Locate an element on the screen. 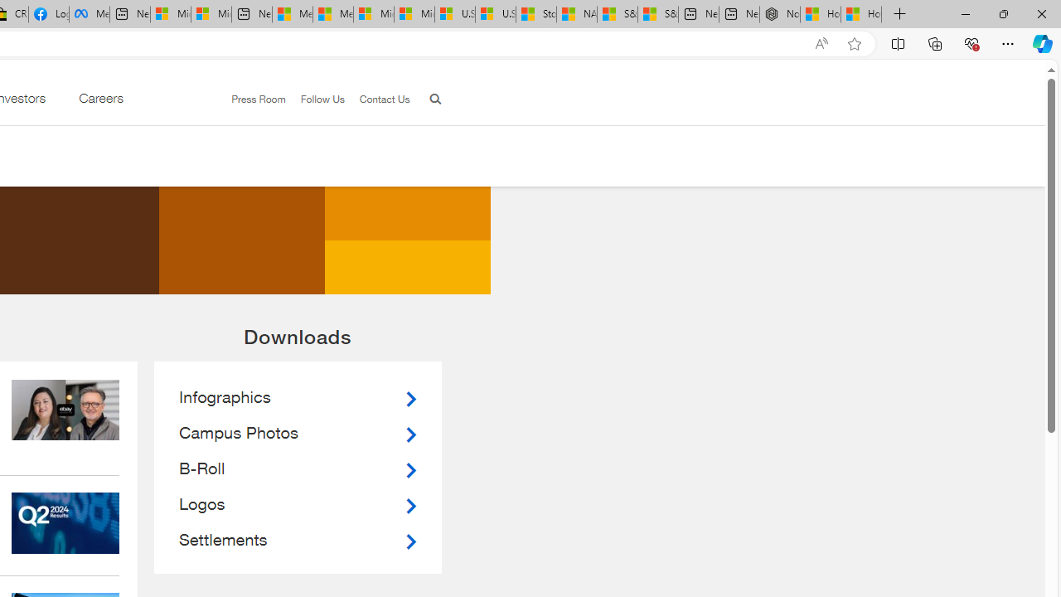 The image size is (1061, 597). 'Press Room' is located at coordinates (258, 99).